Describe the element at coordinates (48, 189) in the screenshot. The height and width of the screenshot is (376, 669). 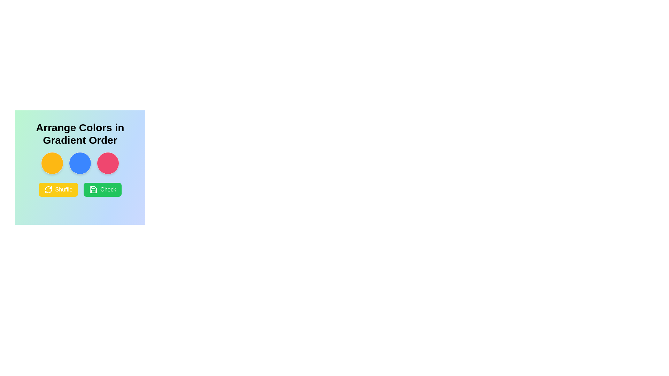
I see `the shuffle icon located on the left side of the horizontal button pair at the bottom of the interface to initiate shuffling` at that location.